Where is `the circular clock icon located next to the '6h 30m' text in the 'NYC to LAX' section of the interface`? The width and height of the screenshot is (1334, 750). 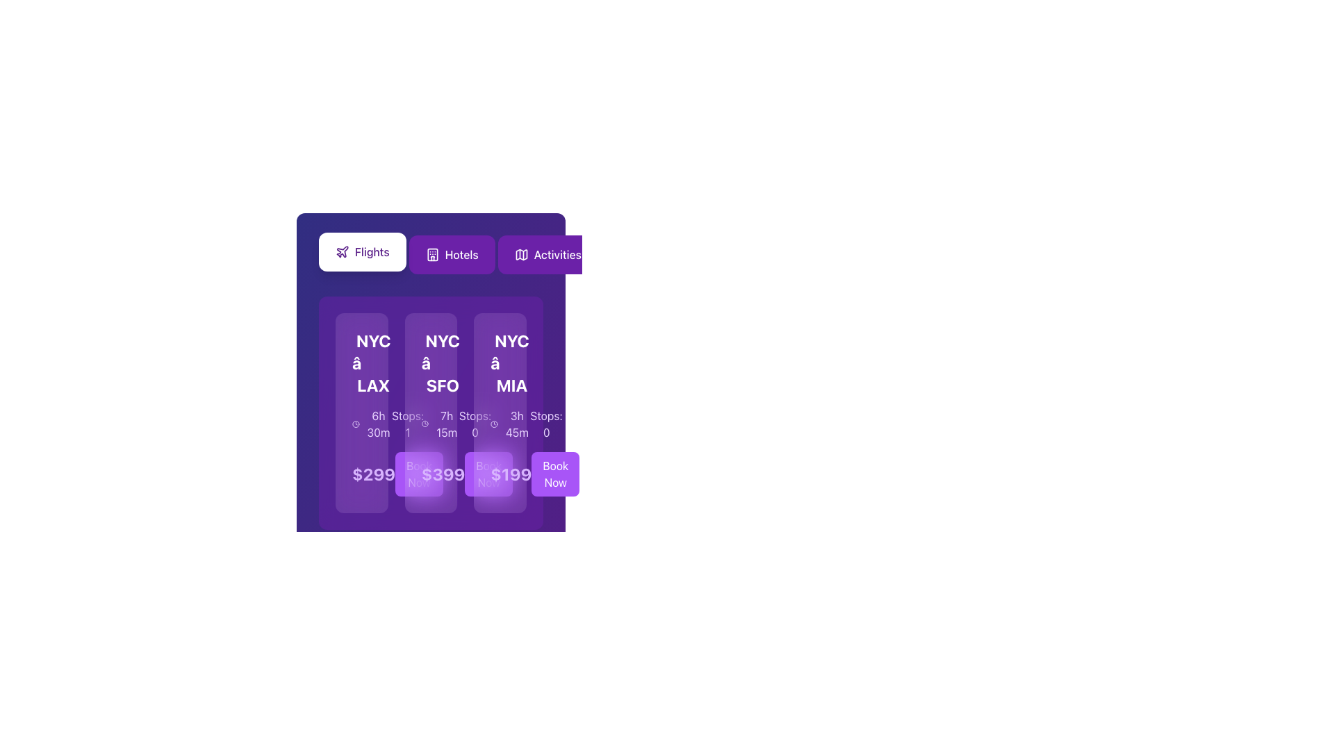
the circular clock icon located next to the '6h 30m' text in the 'NYC to LAX' section of the interface is located at coordinates (356, 423).